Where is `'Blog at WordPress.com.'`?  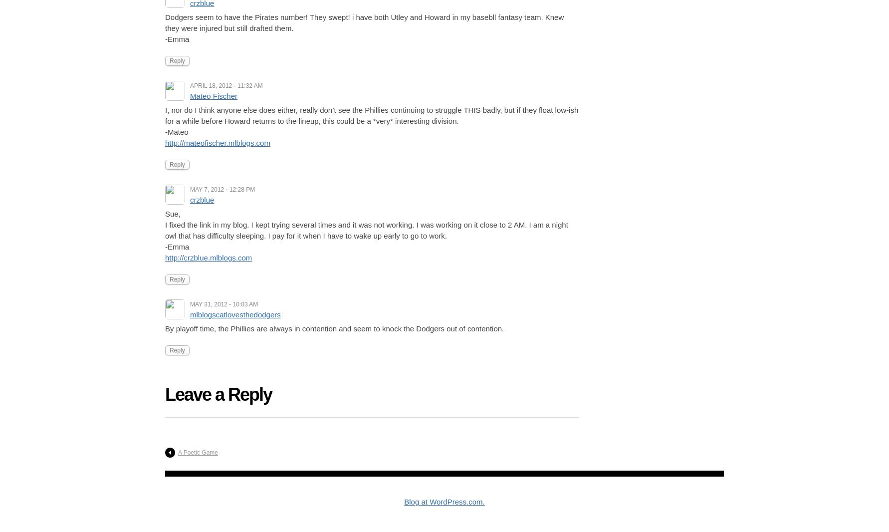
'Blog at WordPress.com.' is located at coordinates (444, 502).